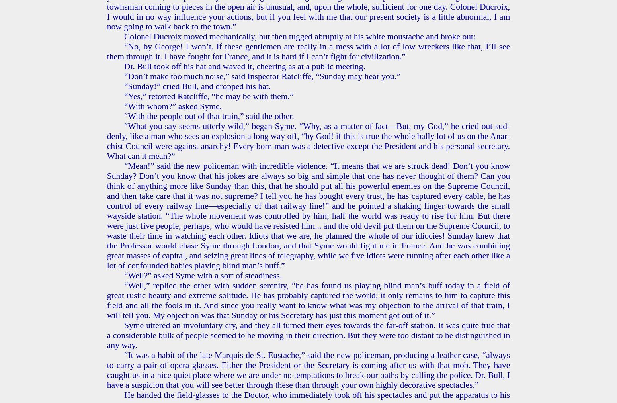 The width and height of the screenshot is (617, 403). Describe the element at coordinates (299, 35) in the screenshot. I see `'Colonel Ducroix moved me­chan­i­cal­ly, but then tugged abrupt­ly at his white mous­tache and broke out:'` at that location.